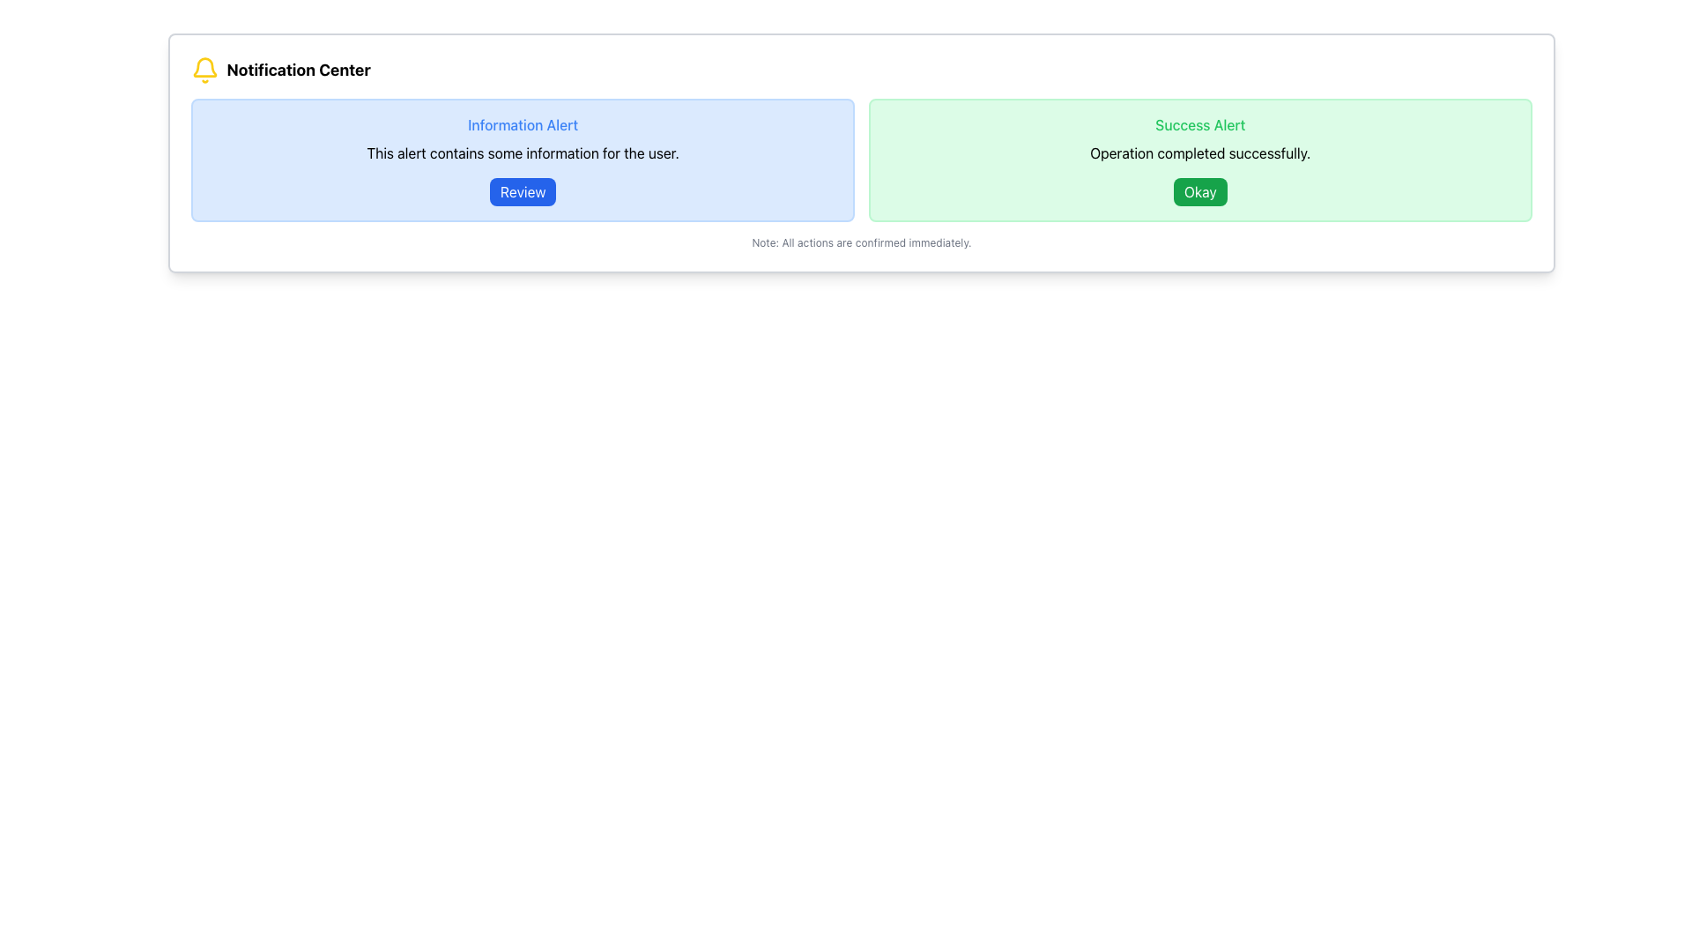  I want to click on the 'Review' button with a blue background and white text, located in the 'Information Alert' box, to trigger the hover effect, so click(522, 192).